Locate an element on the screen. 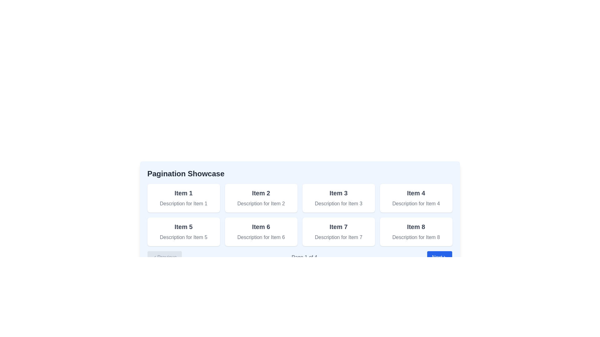 The height and width of the screenshot is (337, 600). the static text label that serves as a descriptive subtitle for Item 6, located beneath the title text in the lower section of the card is located at coordinates (261, 237).